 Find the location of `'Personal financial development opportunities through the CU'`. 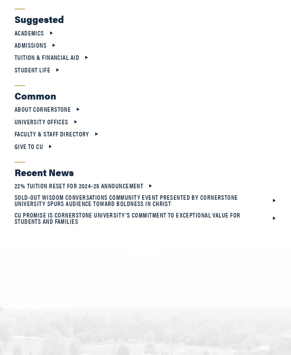

'Personal financial development opportunities through the CU' is located at coordinates (107, 290).